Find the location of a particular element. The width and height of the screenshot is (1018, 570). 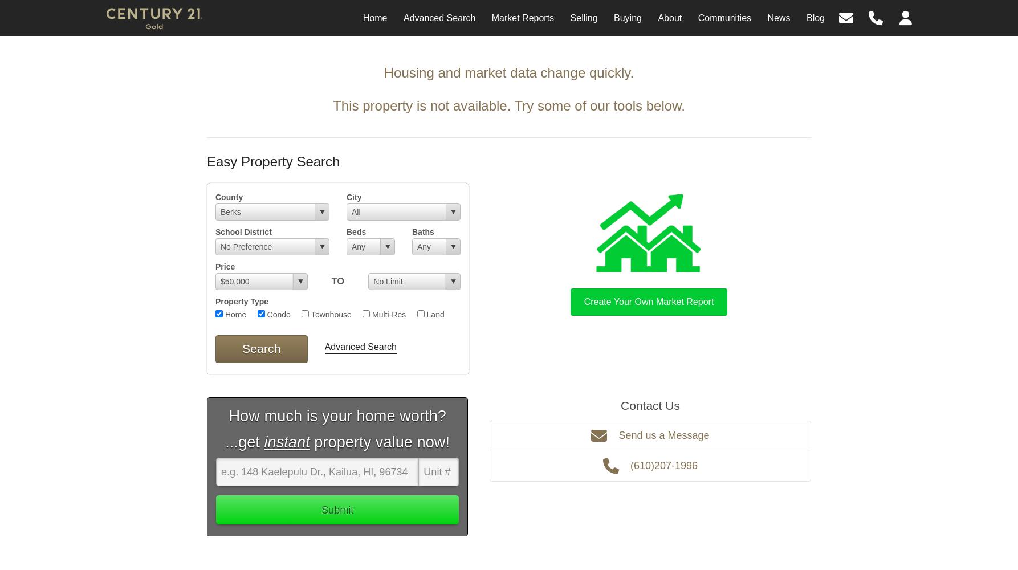

'Selling' is located at coordinates (583, 18).